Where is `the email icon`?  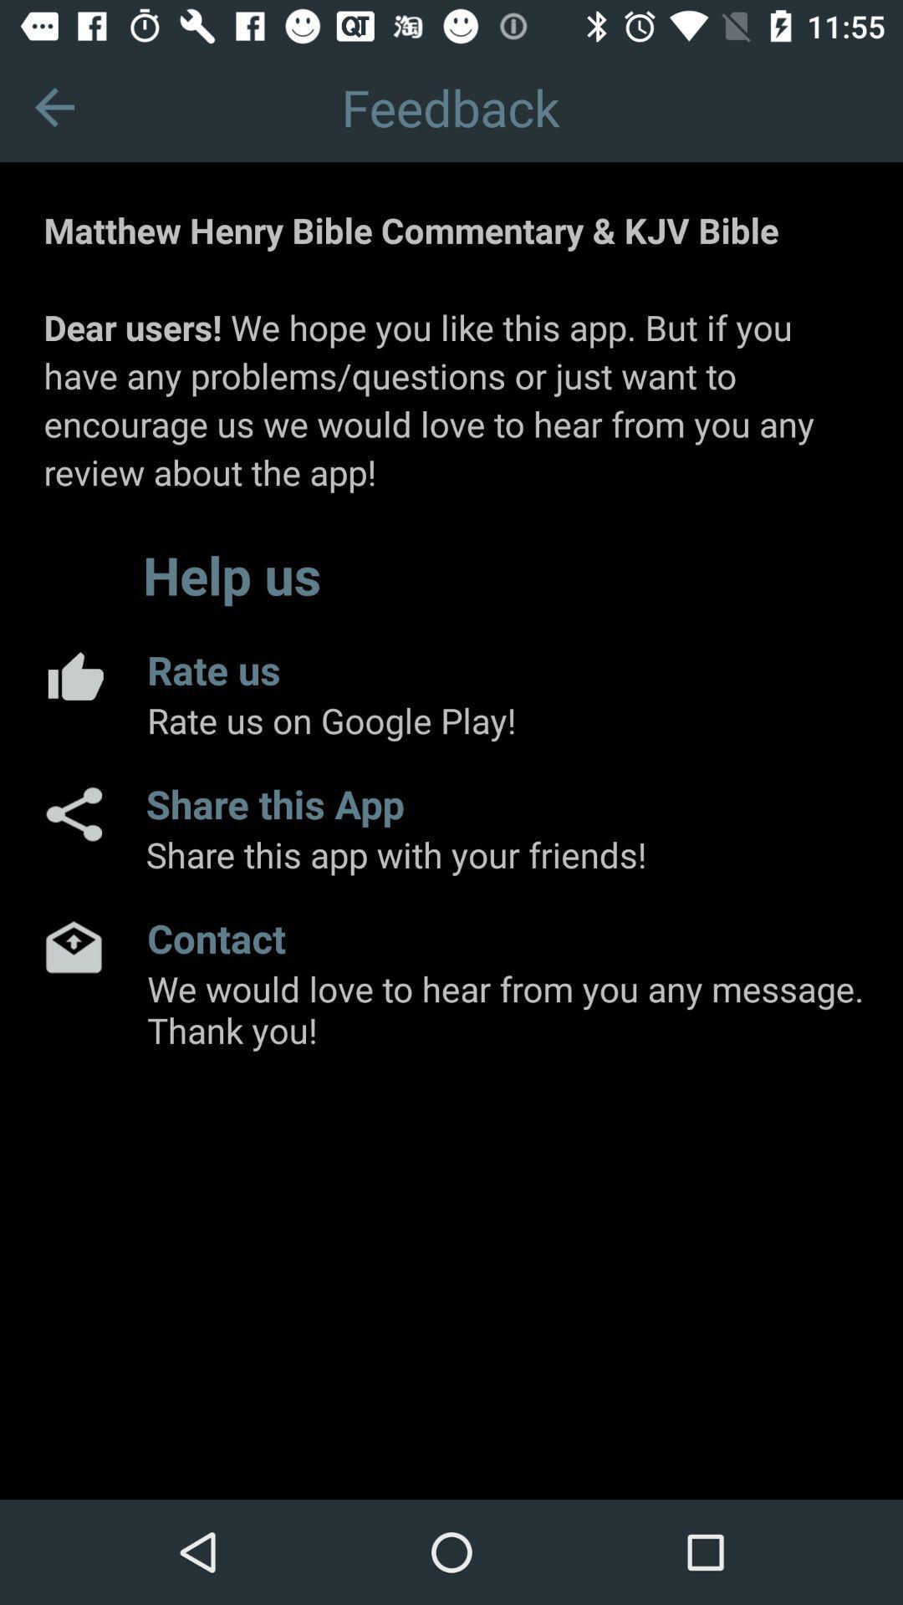
the email icon is located at coordinates (73, 946).